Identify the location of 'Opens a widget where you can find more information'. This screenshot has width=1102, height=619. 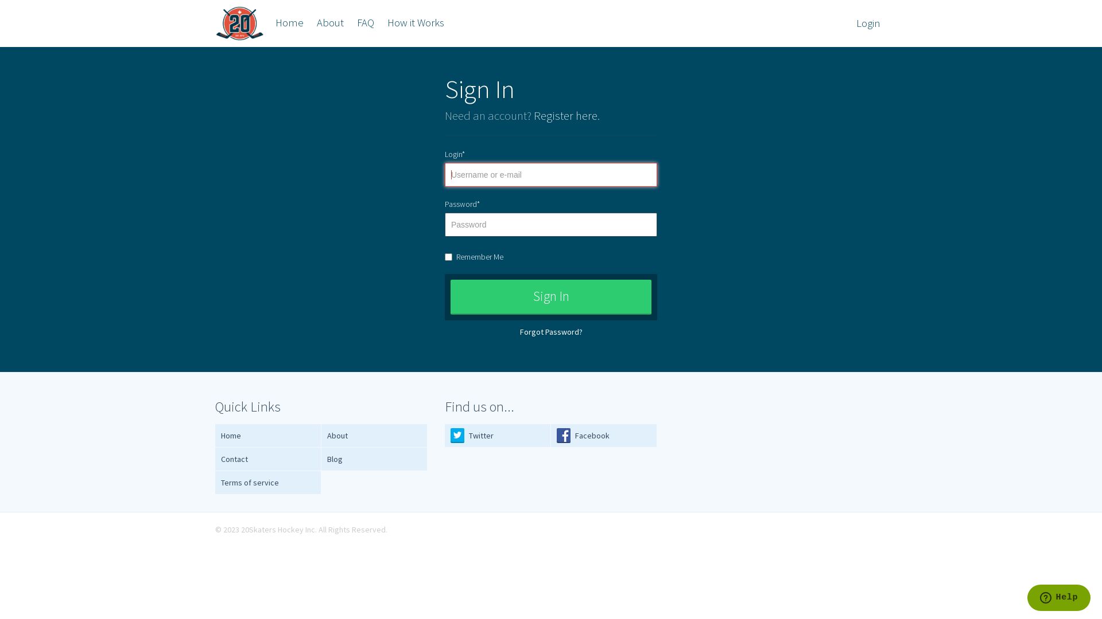
(1058, 598).